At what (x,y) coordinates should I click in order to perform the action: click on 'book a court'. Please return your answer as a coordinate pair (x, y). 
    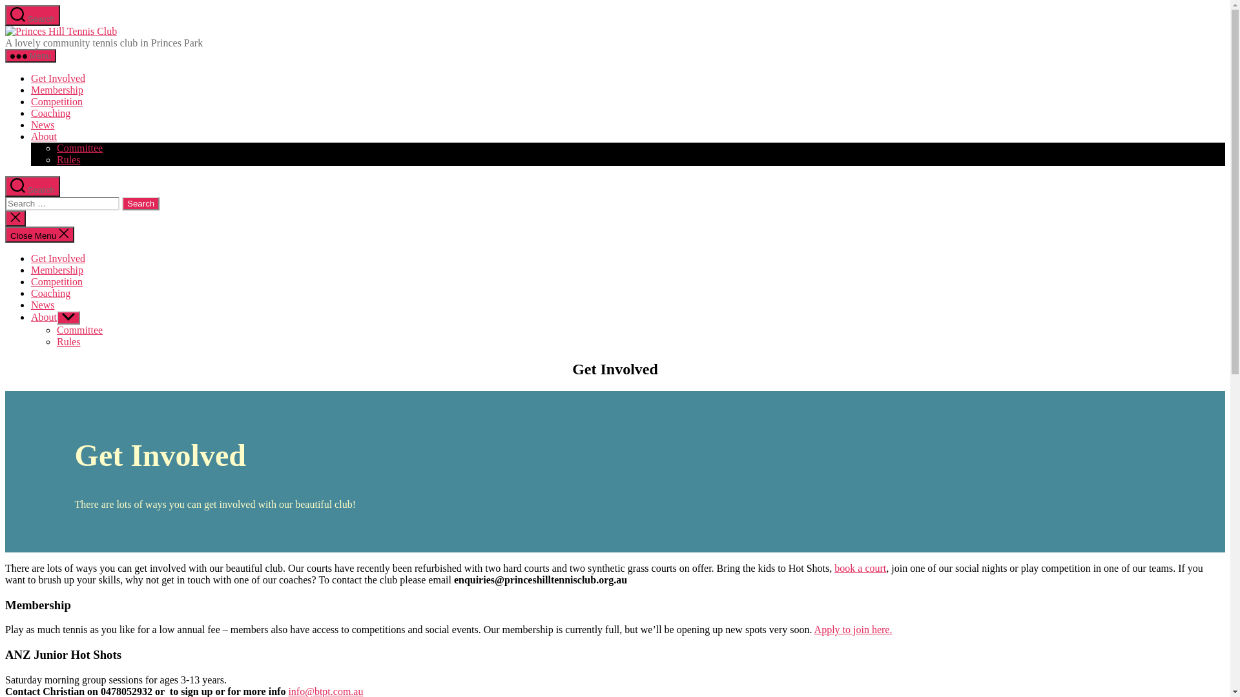
    Looking at the image, I should click on (860, 567).